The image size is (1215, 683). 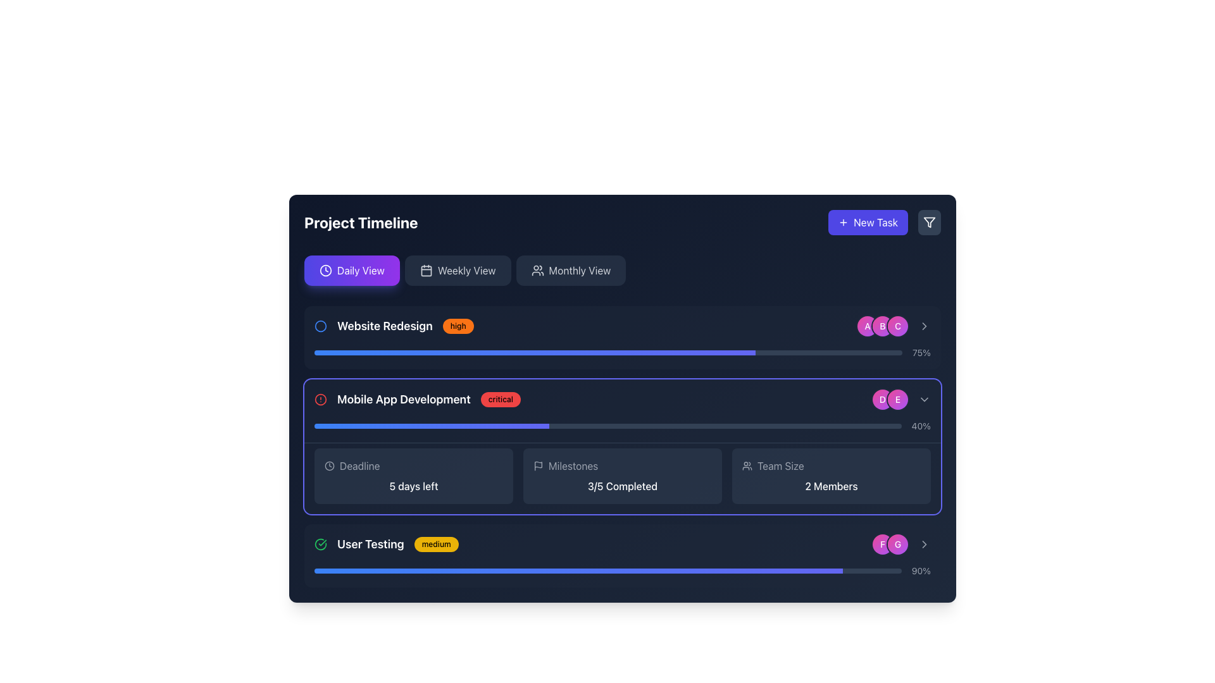 I want to click on text of the 'Milestones' label, which indicates milestone-related progress information in the 'Mobile App Development' section of the project timeline interface, so click(x=573, y=465).